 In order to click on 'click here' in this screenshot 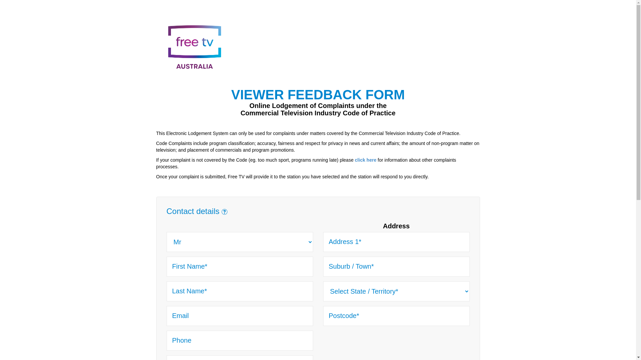, I will do `click(365, 160)`.